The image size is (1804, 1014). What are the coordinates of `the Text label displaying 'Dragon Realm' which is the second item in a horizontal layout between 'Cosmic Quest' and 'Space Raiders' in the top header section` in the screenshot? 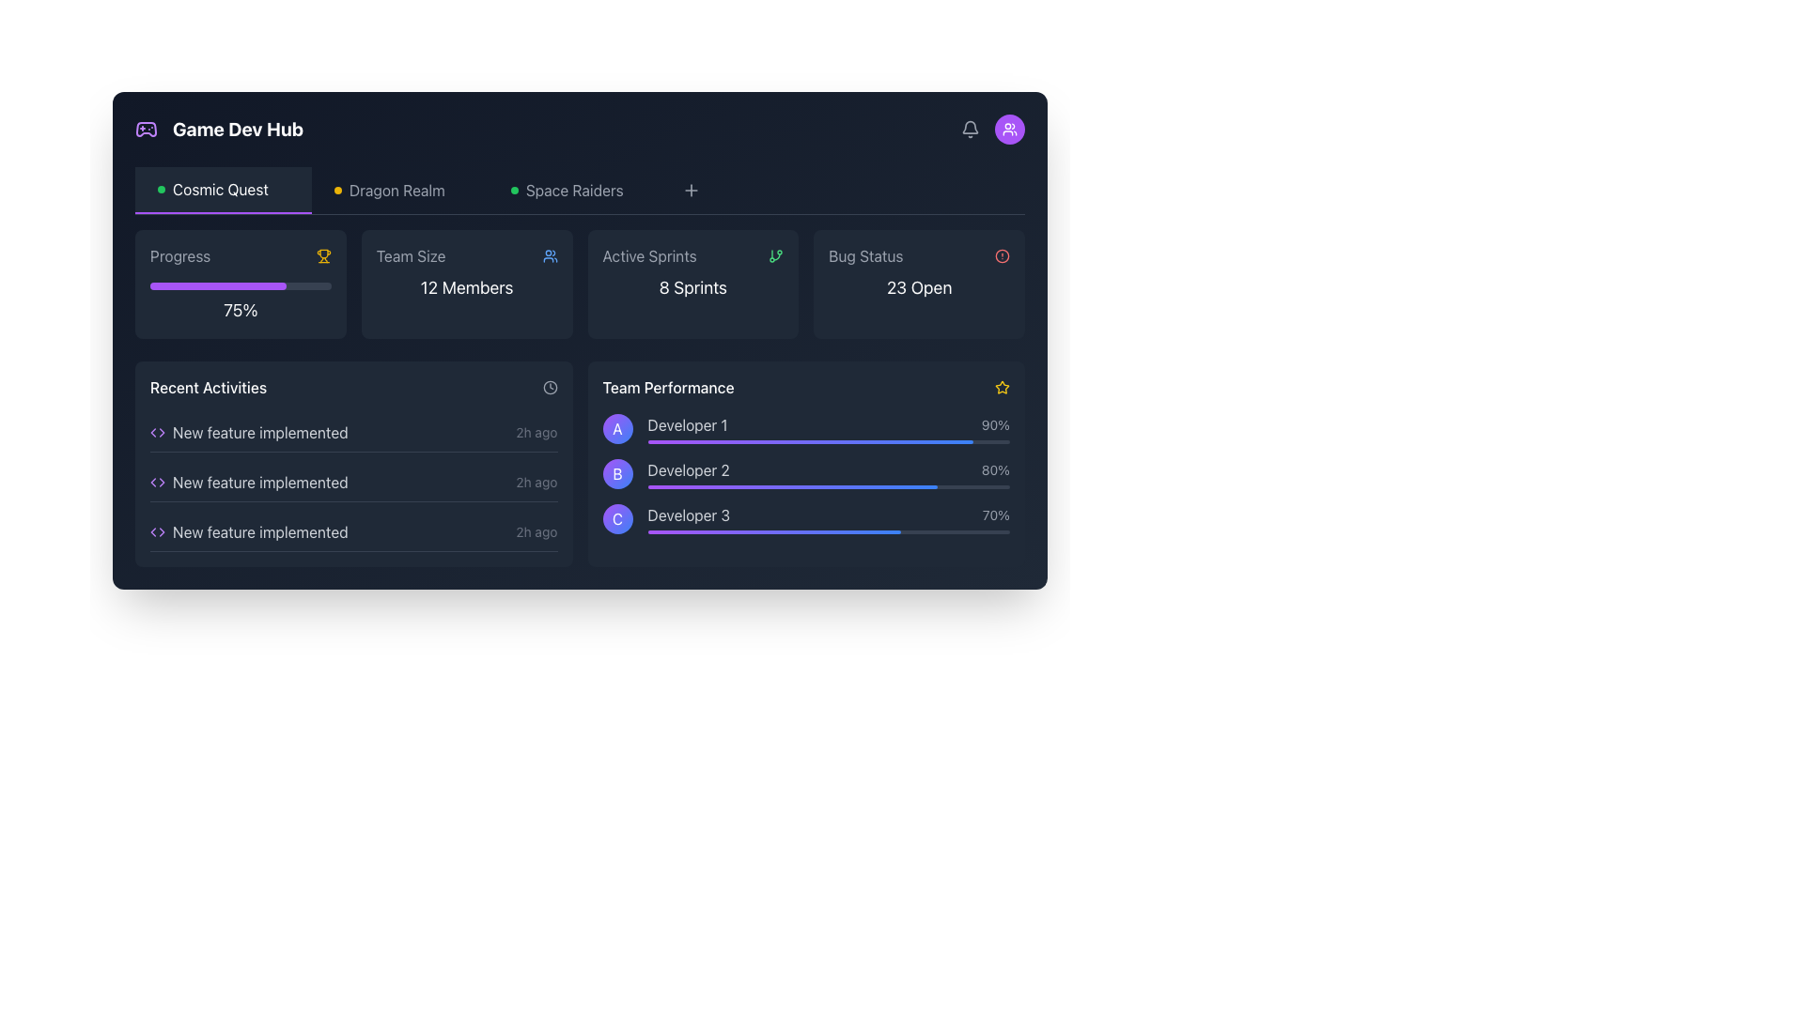 It's located at (388, 191).